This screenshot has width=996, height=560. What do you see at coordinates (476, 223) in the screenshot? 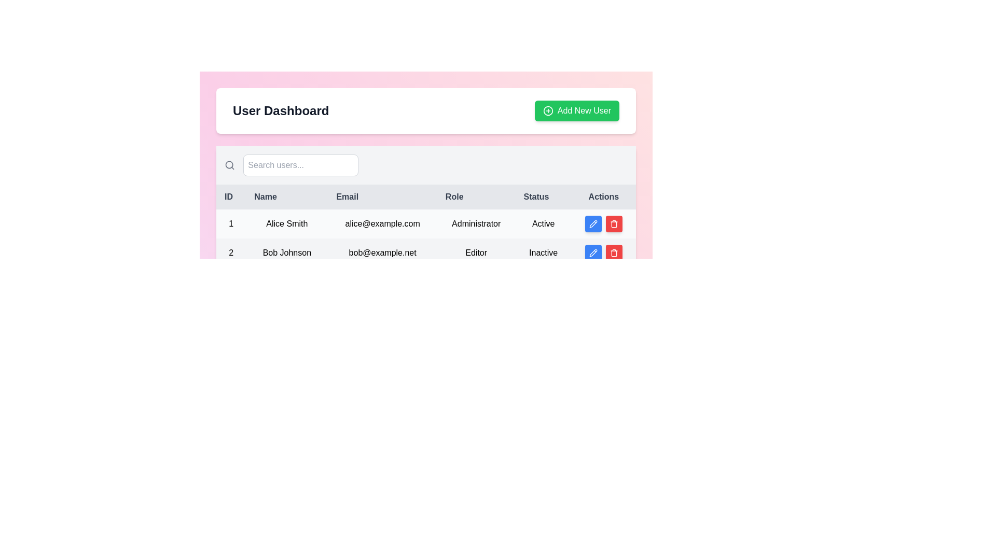
I see `the text label displaying 'Administrator' under the 'Role' column for user 'Alice Smith'` at bounding box center [476, 223].